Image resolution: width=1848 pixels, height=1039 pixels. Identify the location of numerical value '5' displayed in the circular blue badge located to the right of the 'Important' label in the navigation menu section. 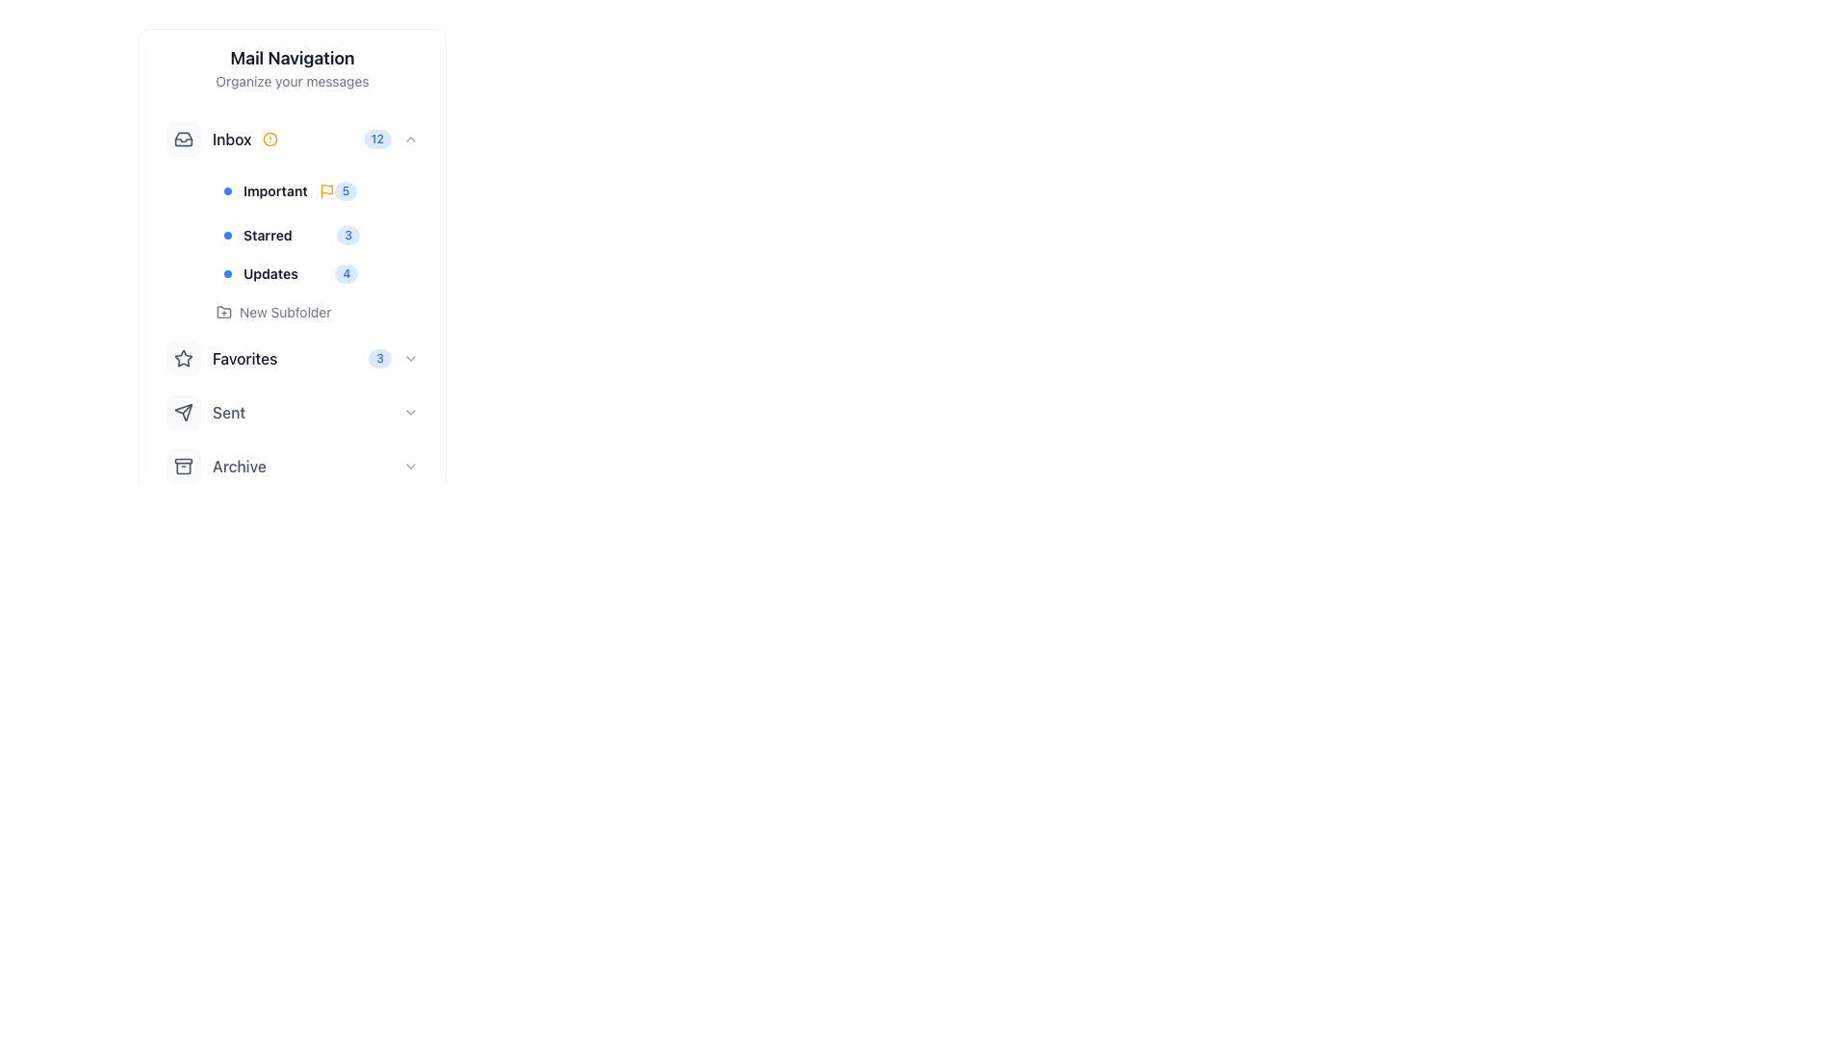
(346, 191).